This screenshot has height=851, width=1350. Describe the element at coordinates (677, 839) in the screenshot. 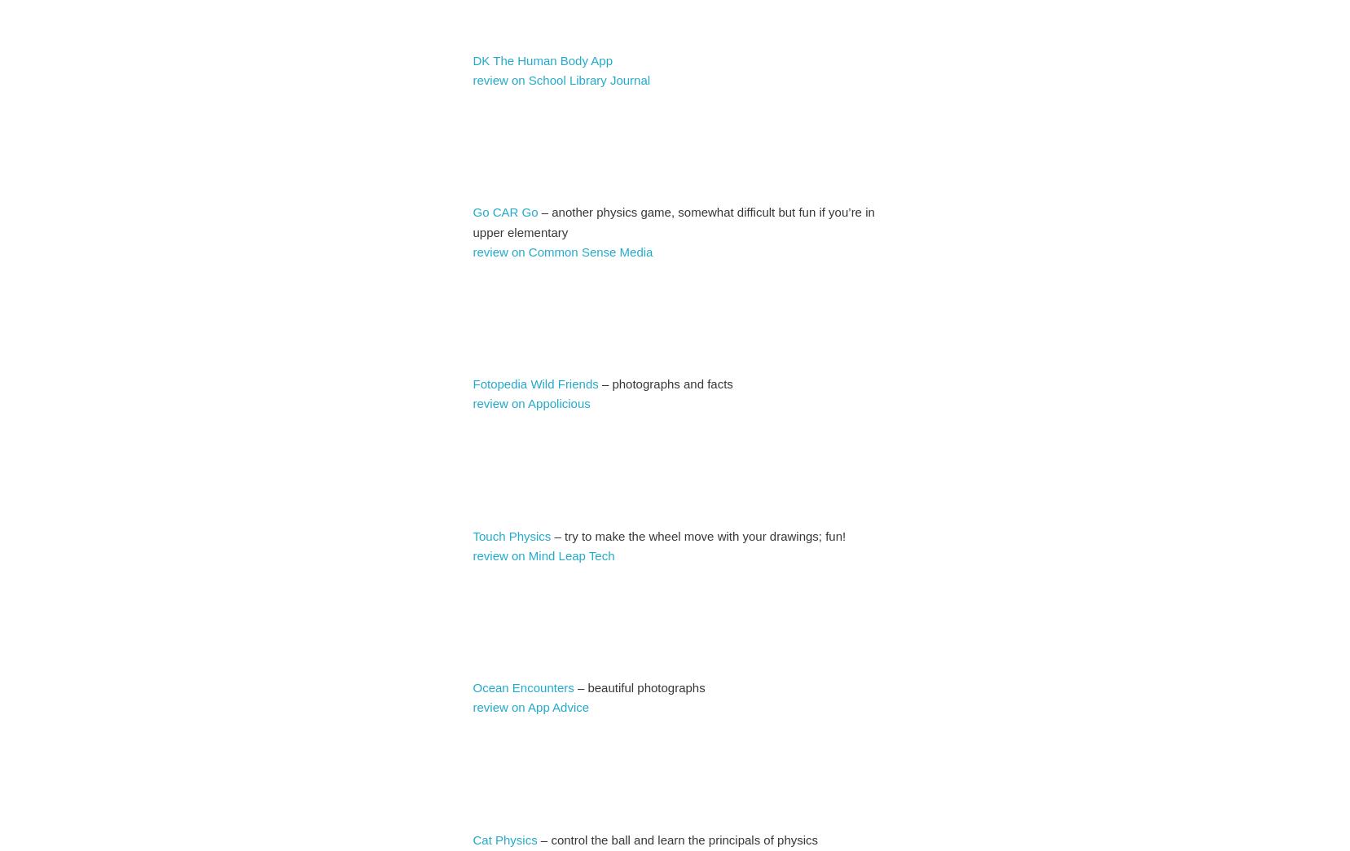

I see `'– control the ball and learn the principals of physics'` at that location.